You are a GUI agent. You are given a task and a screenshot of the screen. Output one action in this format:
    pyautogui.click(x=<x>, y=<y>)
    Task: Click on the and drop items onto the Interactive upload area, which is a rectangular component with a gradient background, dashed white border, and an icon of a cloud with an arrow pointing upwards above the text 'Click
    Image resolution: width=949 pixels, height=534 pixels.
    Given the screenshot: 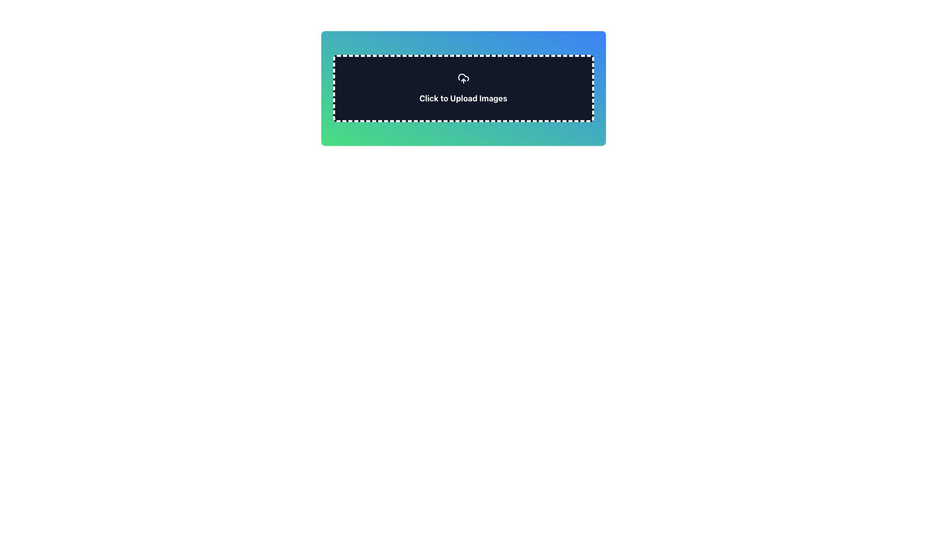 What is the action you would take?
    pyautogui.click(x=463, y=88)
    